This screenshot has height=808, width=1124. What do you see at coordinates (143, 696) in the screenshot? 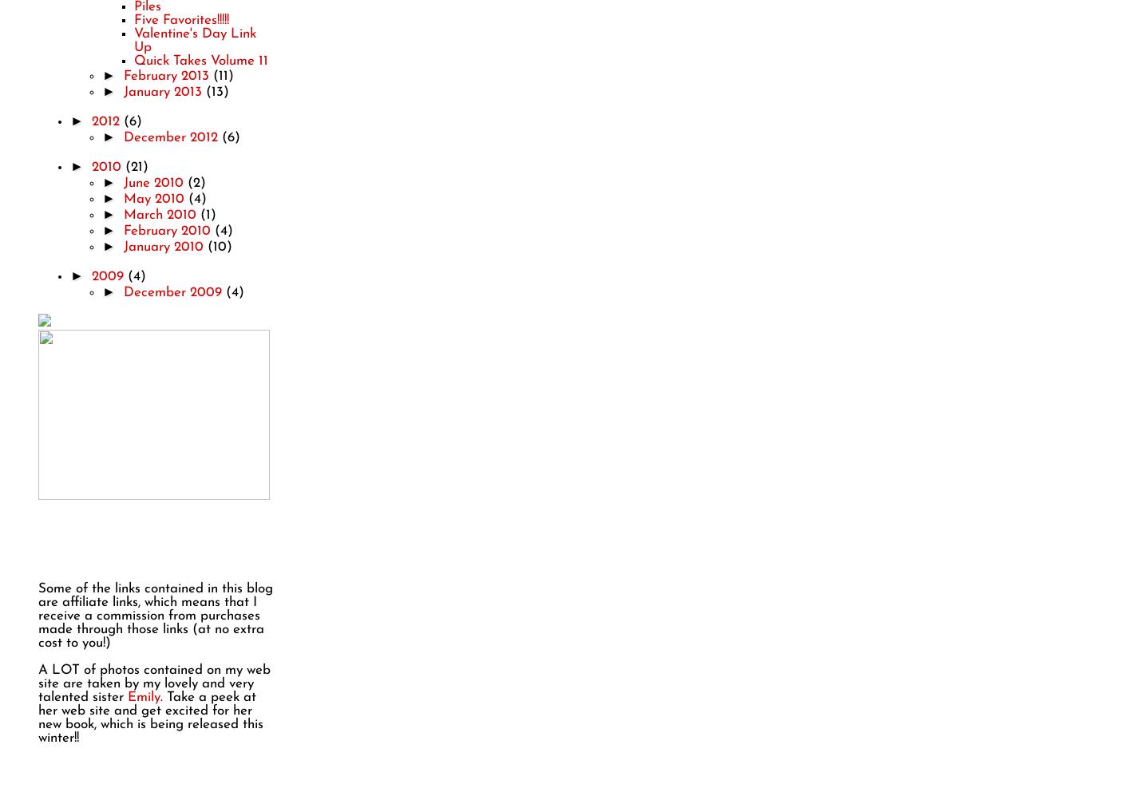
I see `'Emily'` at bounding box center [143, 696].